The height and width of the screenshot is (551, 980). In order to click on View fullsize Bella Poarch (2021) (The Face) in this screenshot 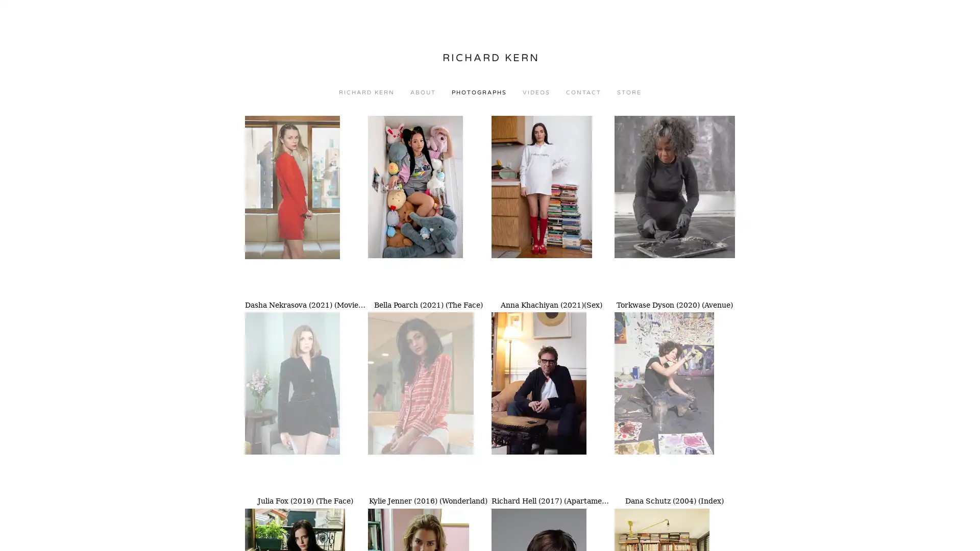, I will do `click(428, 206)`.